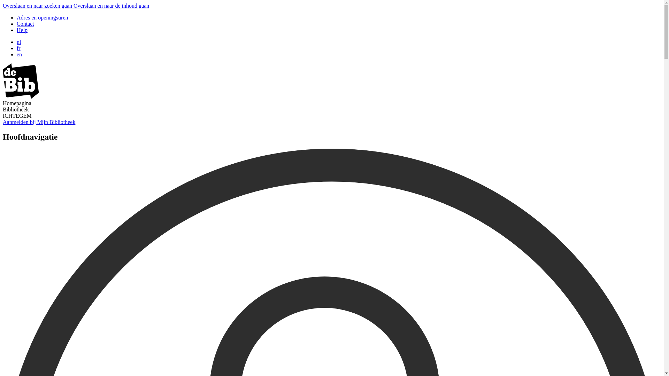  I want to click on 'en', so click(19, 54).